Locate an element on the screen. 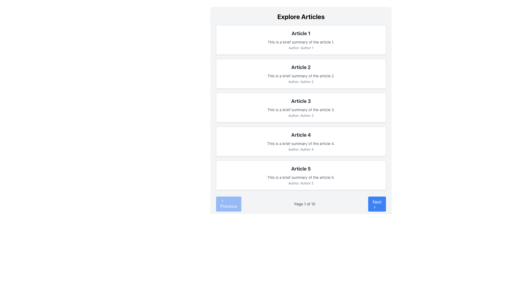 The image size is (516, 290). static text label that displays 'Author: Author 4', located at the bottom of the card for 'Article 4' is located at coordinates (300, 149).